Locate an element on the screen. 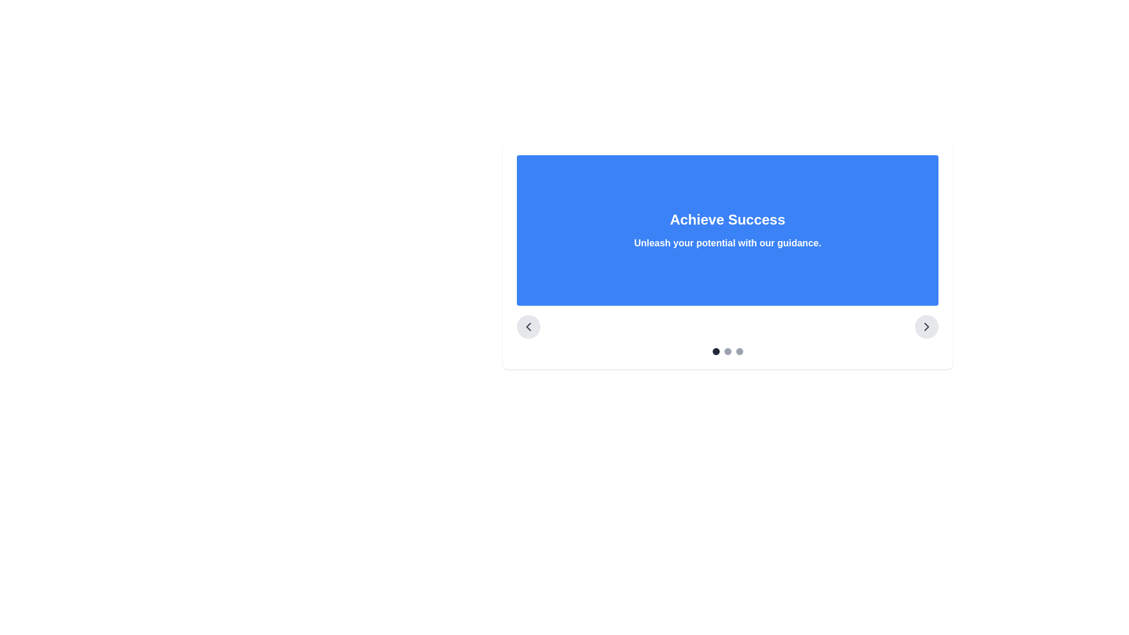 The image size is (1129, 635). the Text label that serves as a visual heading or title, positioned above the text 'Unleash your potential with our guidance.' is located at coordinates (727, 220).